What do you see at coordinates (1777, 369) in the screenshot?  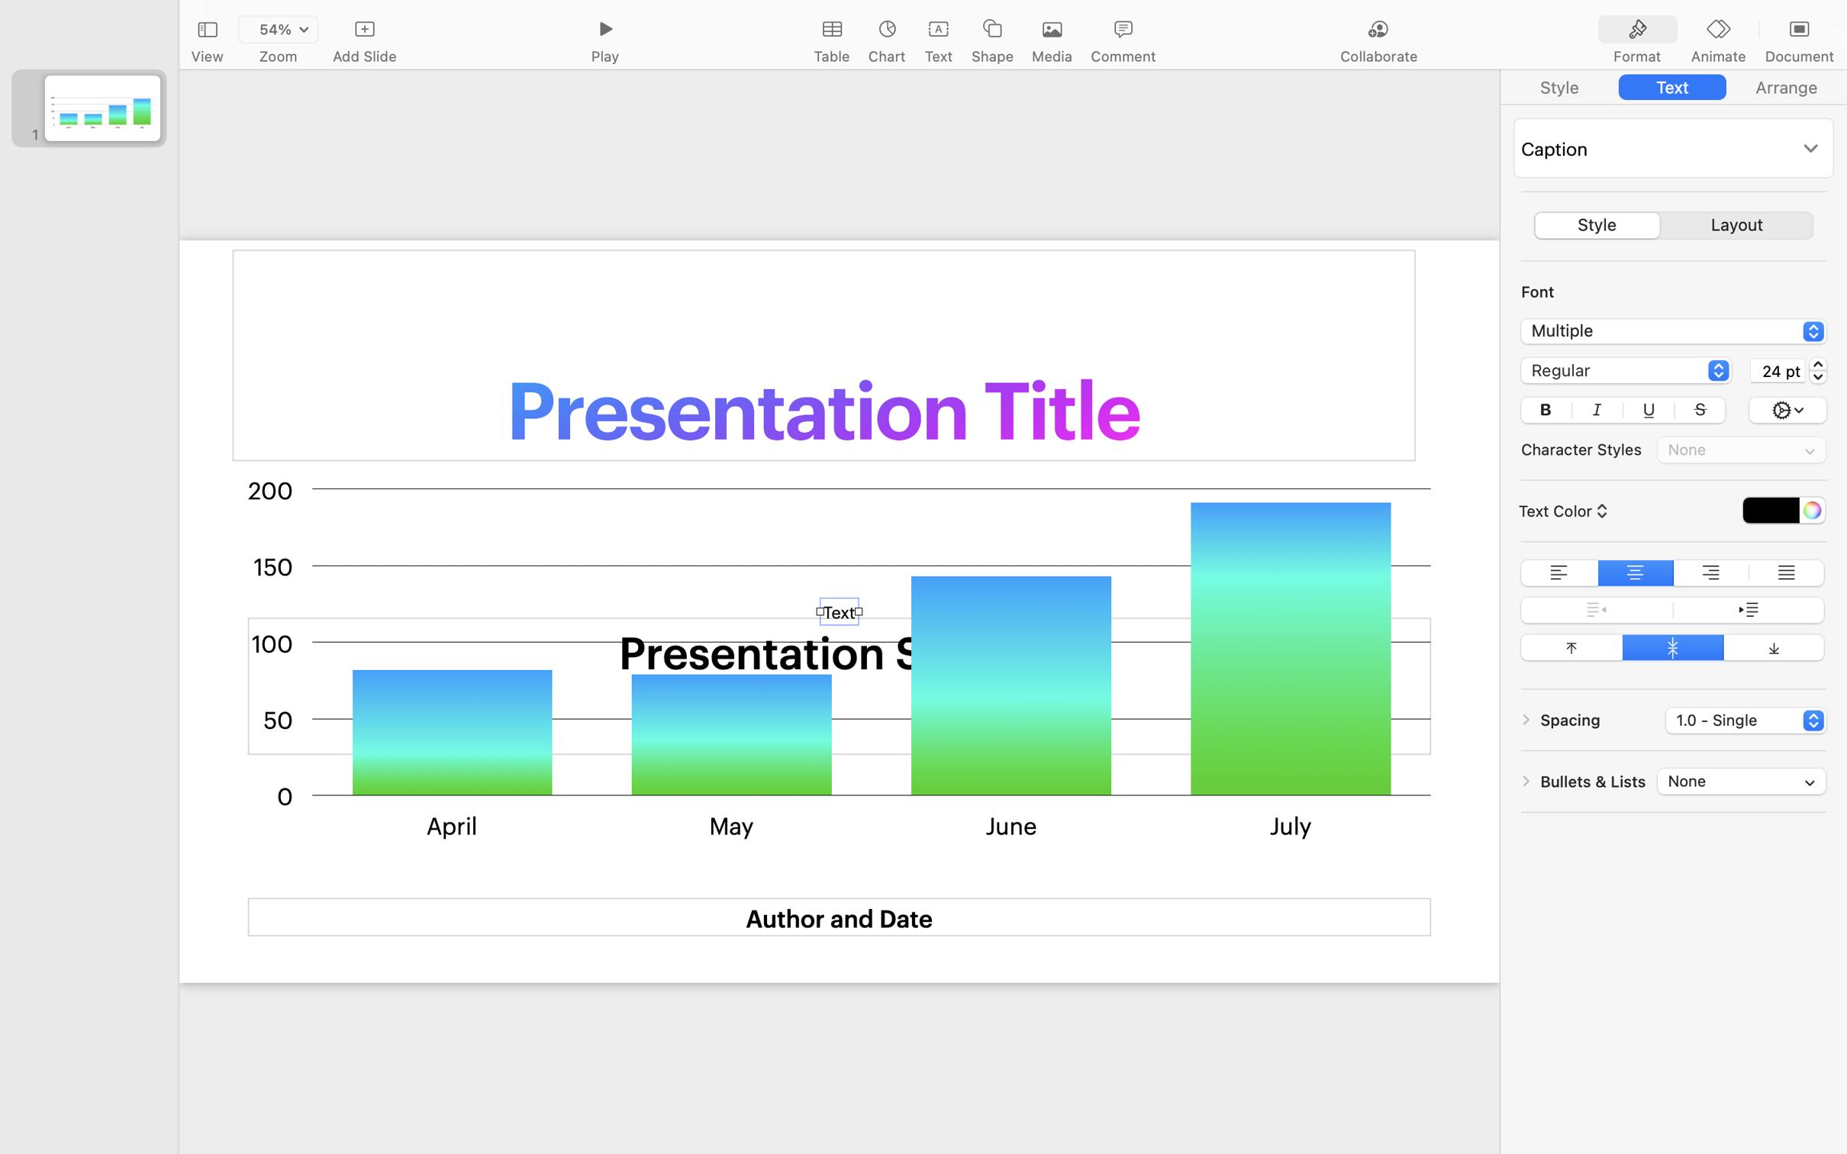 I see `'24 pt'` at bounding box center [1777, 369].